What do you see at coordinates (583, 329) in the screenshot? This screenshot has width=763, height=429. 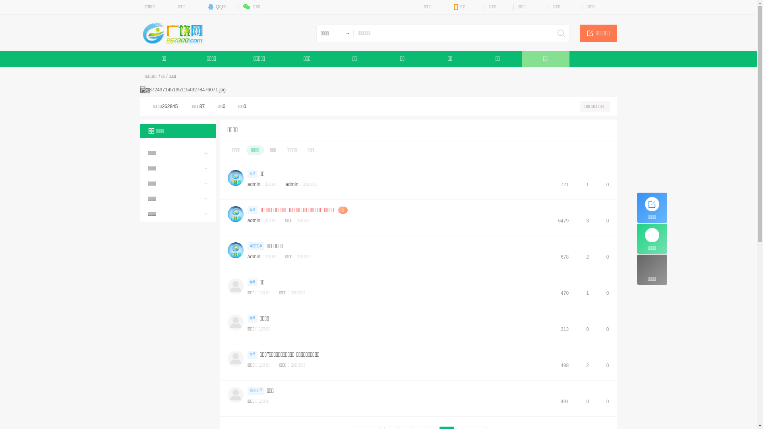 I see `'0'` at bounding box center [583, 329].